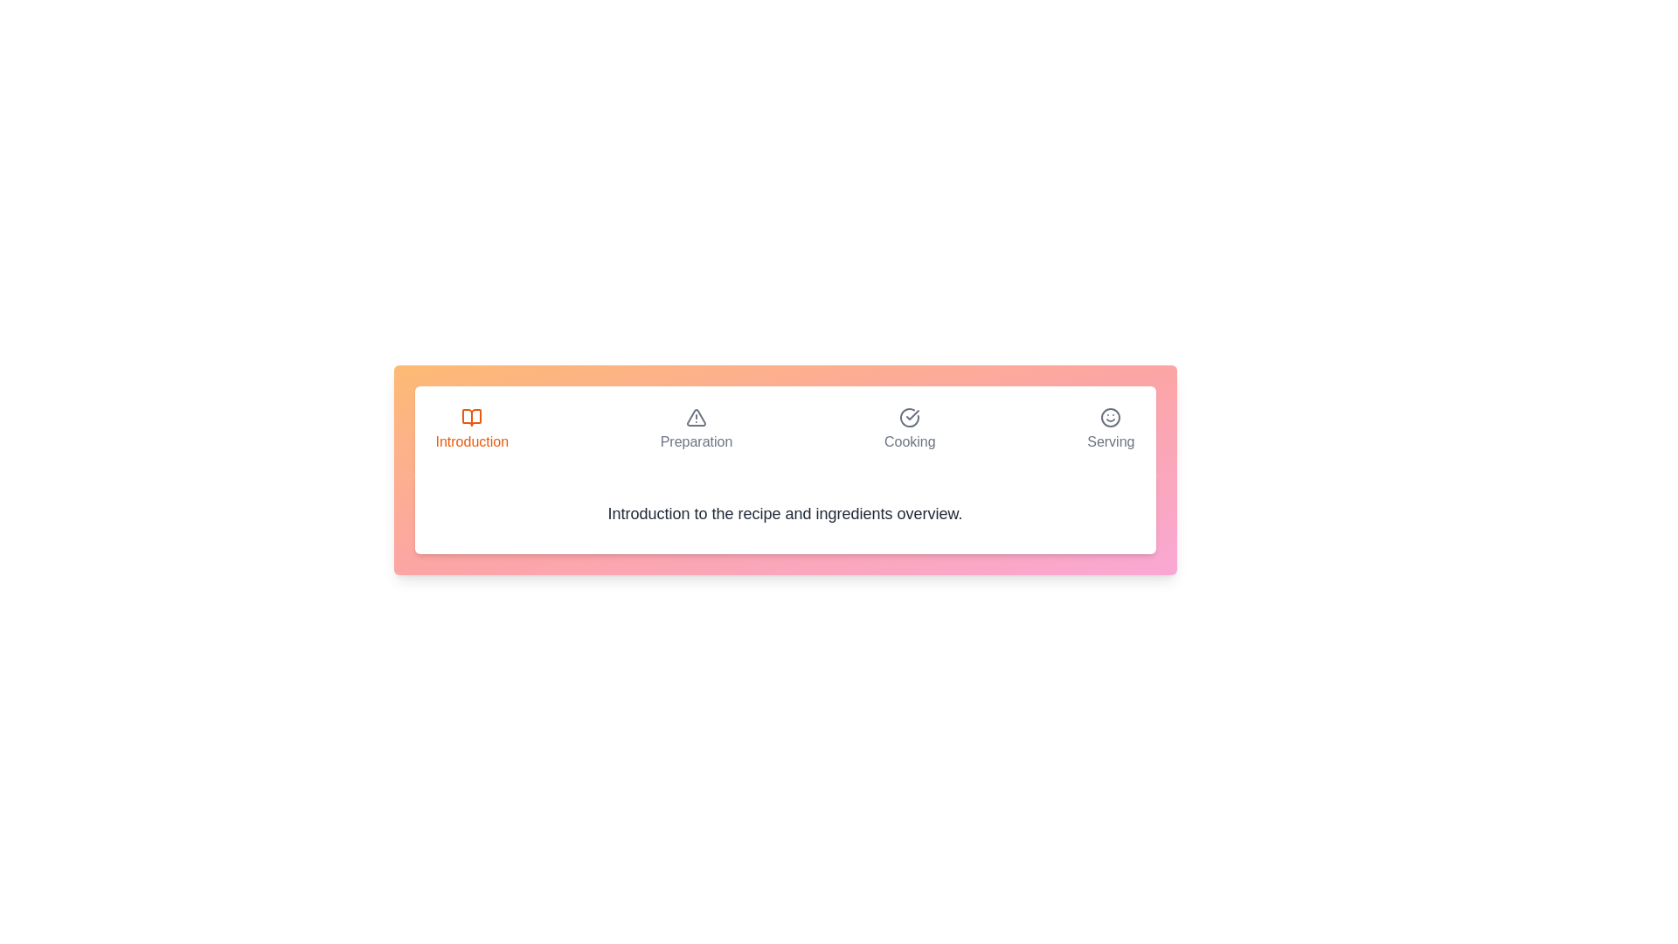  Describe the element at coordinates (1110, 430) in the screenshot. I see `the tab labeled Serving` at that location.